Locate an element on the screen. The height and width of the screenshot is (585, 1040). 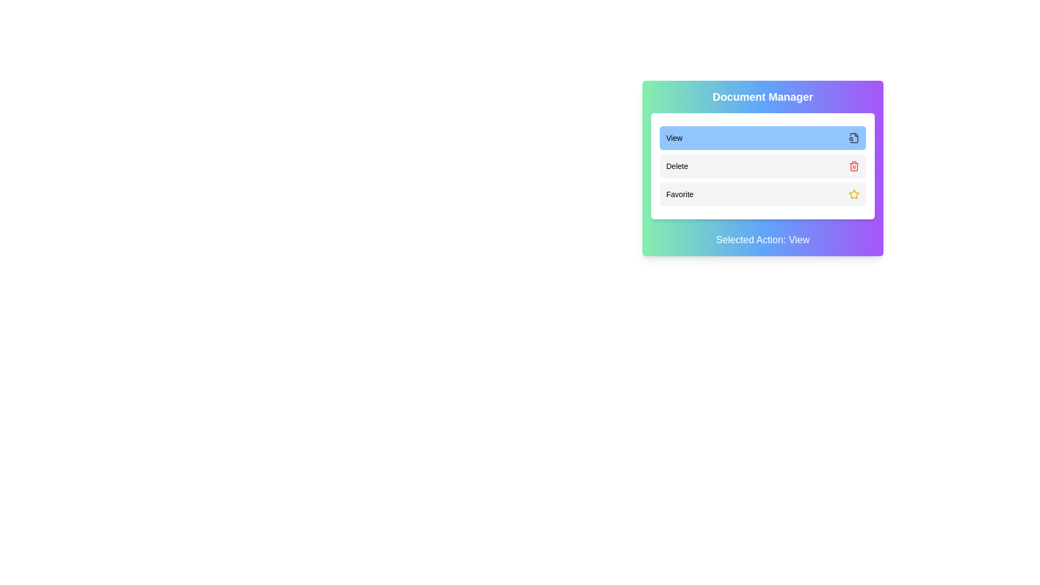
the action Delete by clicking the corresponding button is located at coordinates (762, 166).